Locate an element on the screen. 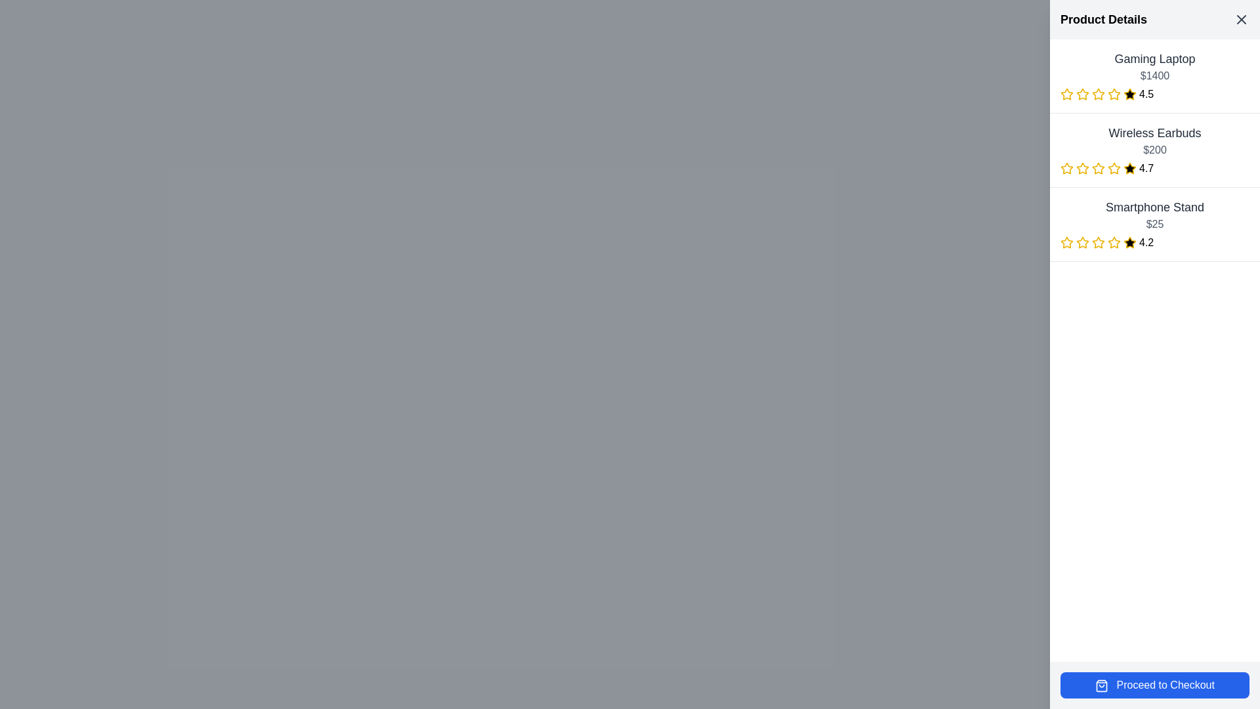 The width and height of the screenshot is (1260, 709). the second star in the horizontal rating row for the 'Gaming Laptop' product is located at coordinates (1083, 93).